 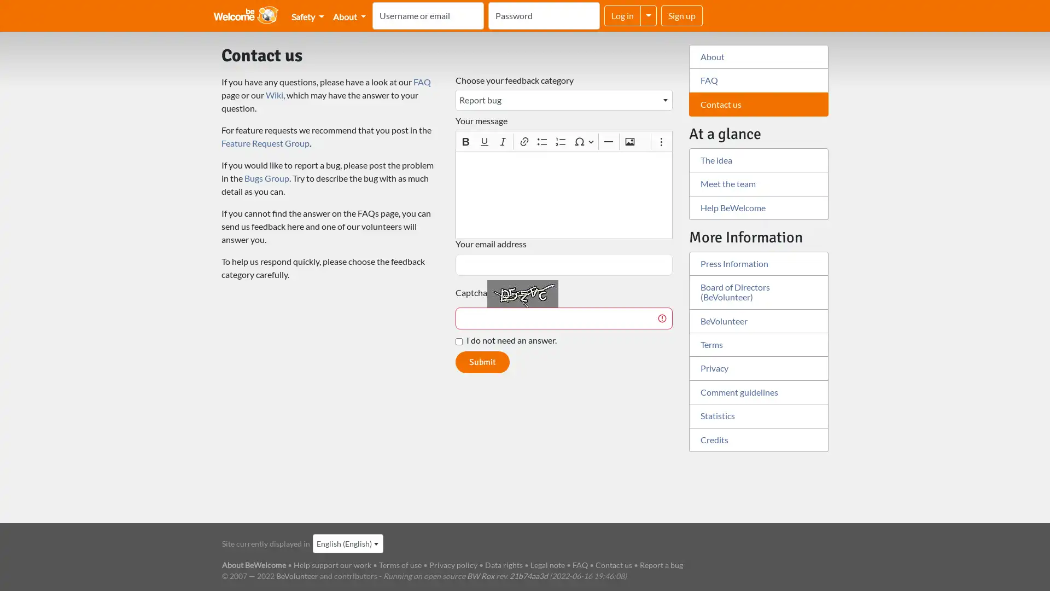 What do you see at coordinates (465, 141) in the screenshot?
I see `Bold` at bounding box center [465, 141].